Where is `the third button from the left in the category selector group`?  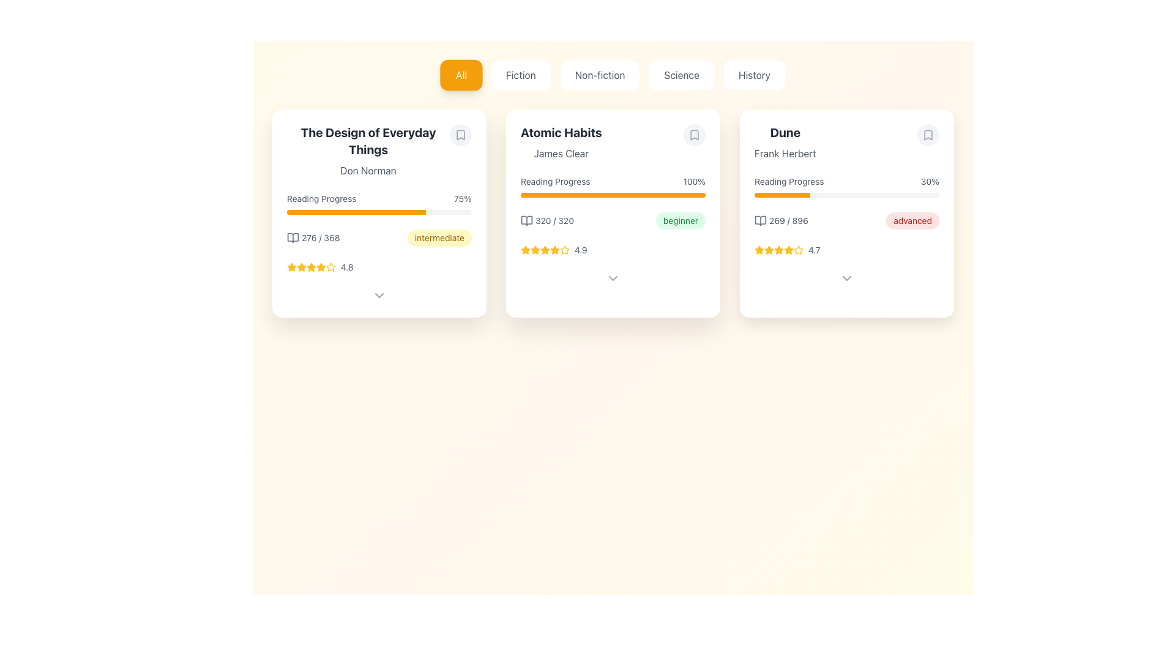 the third button from the left in the category selector group is located at coordinates (600, 75).